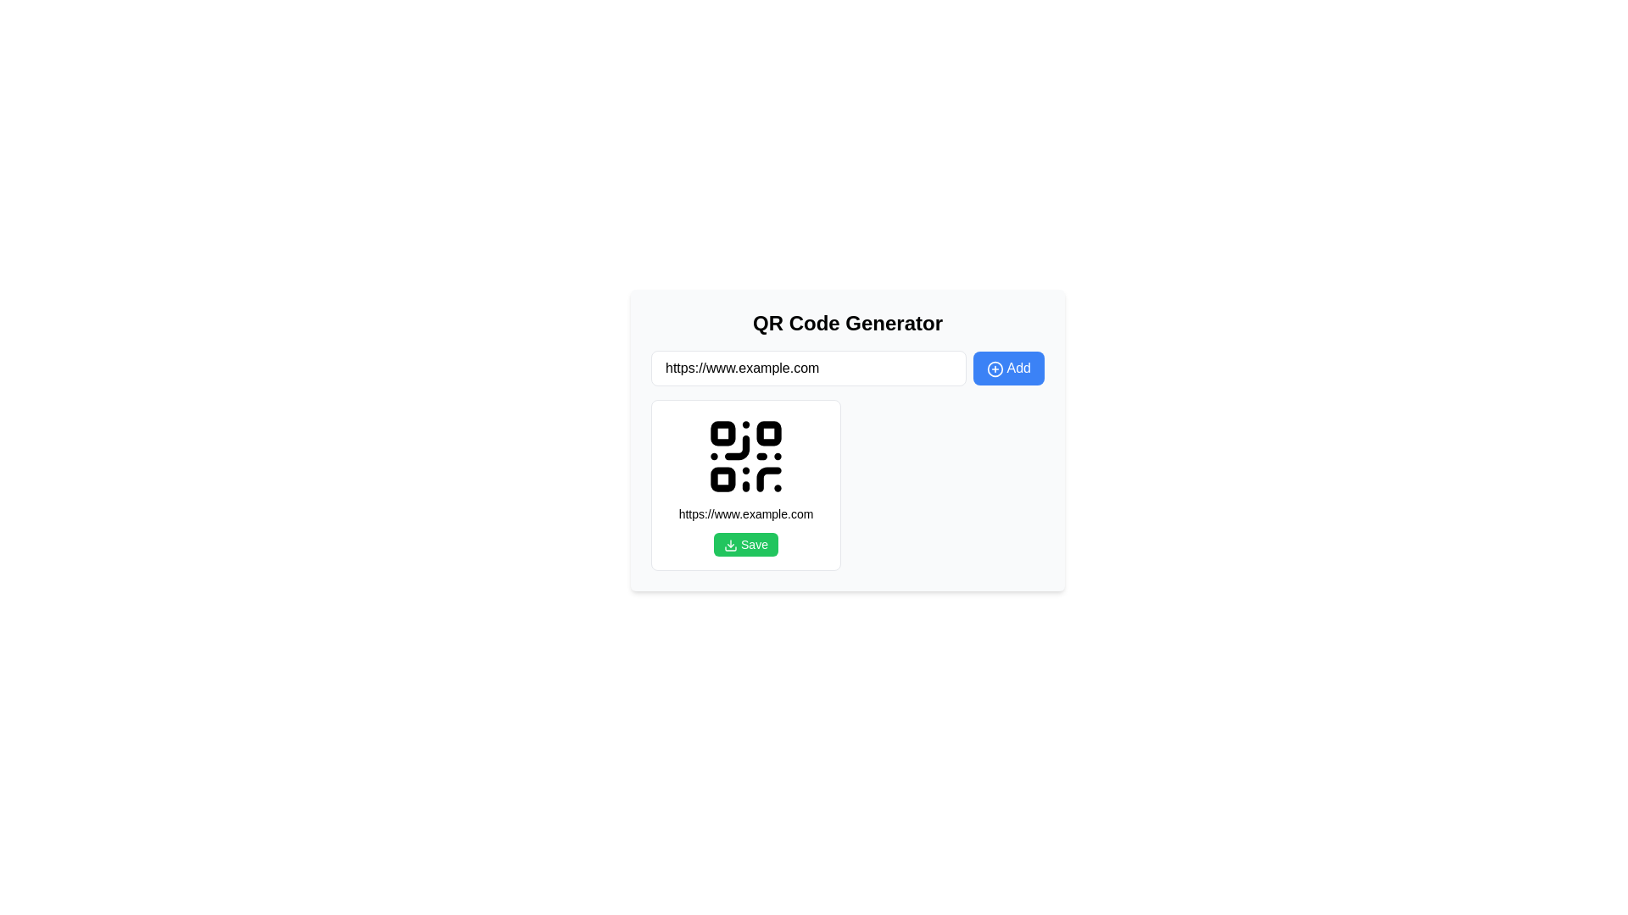 The image size is (1628, 915). Describe the element at coordinates (768, 432) in the screenshot. I see `the second square in the first row of three internal square blocks within the QR code graphic, which is positioned below the URL text` at that location.